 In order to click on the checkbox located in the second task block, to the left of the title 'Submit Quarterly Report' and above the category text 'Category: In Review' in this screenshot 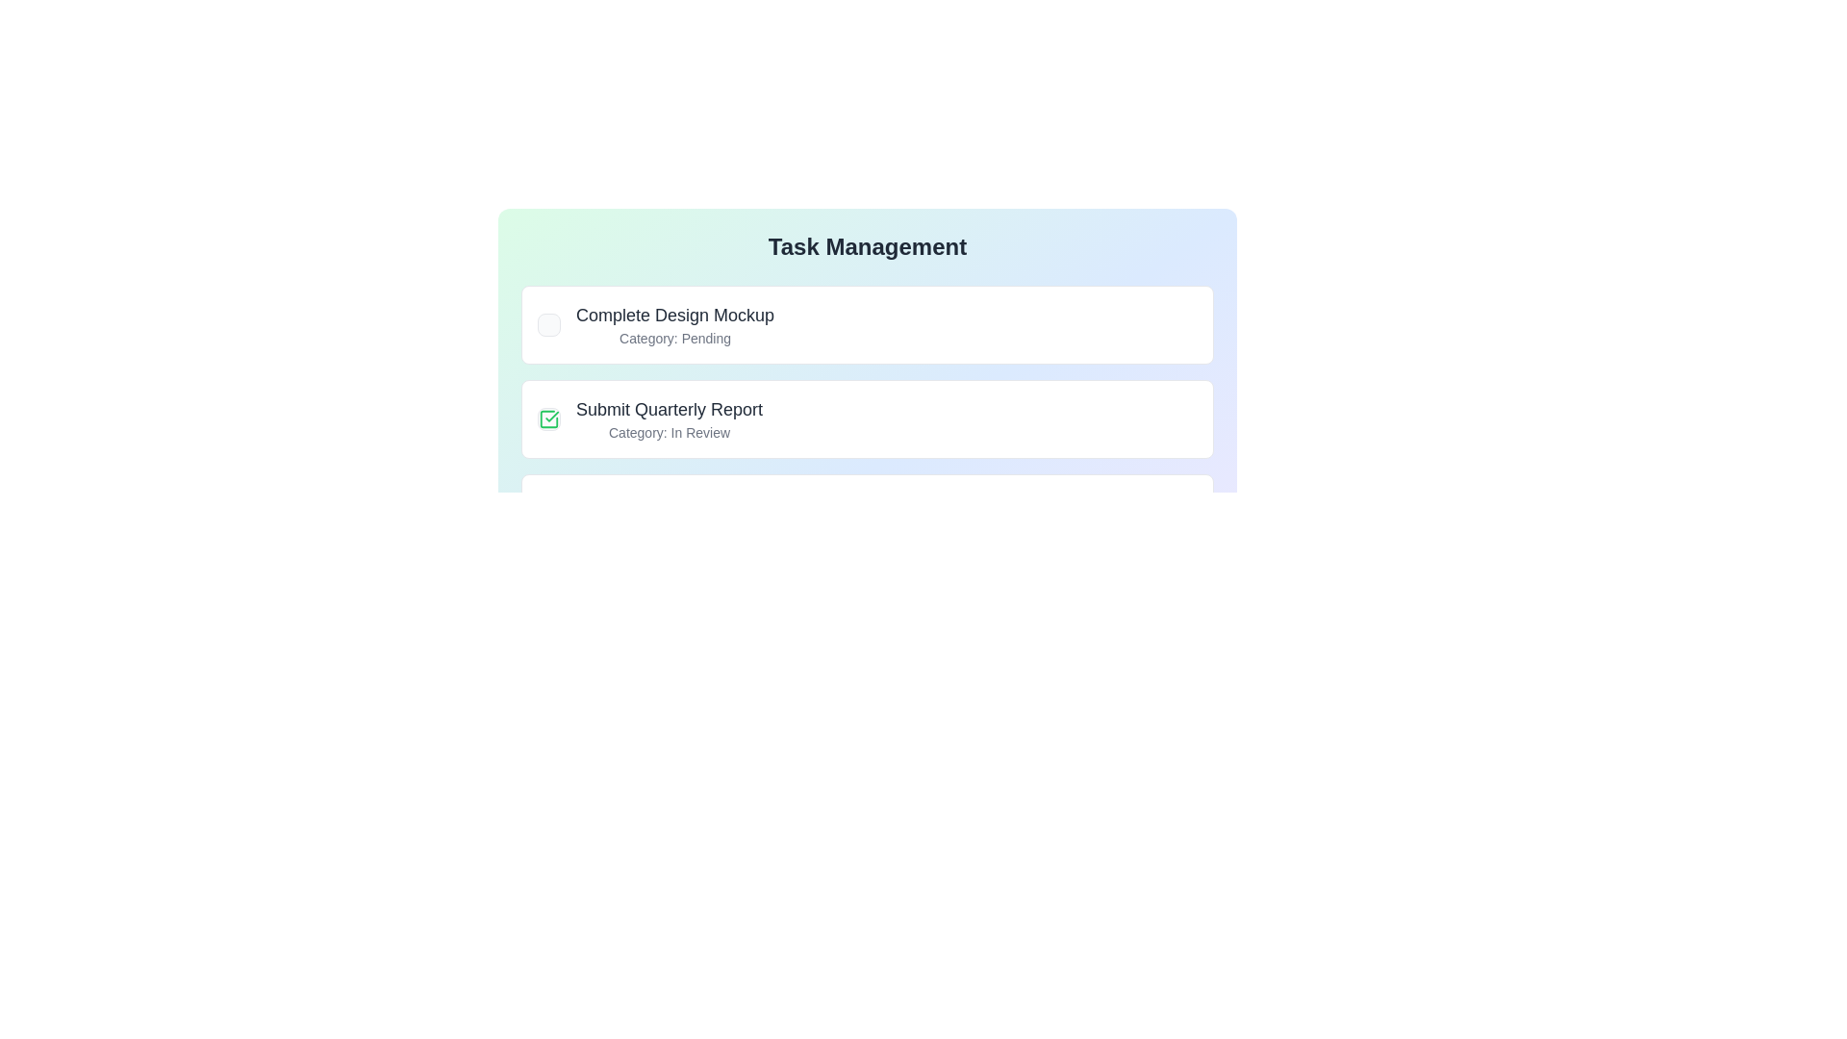, I will do `click(548, 418)`.